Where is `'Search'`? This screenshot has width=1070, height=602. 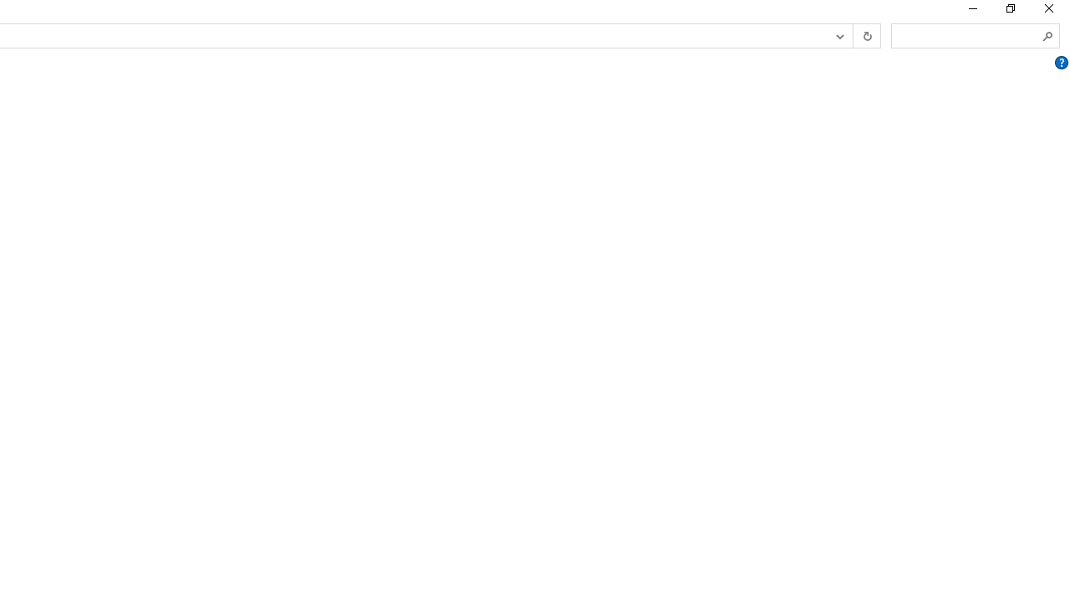 'Search' is located at coordinates (1047, 36).